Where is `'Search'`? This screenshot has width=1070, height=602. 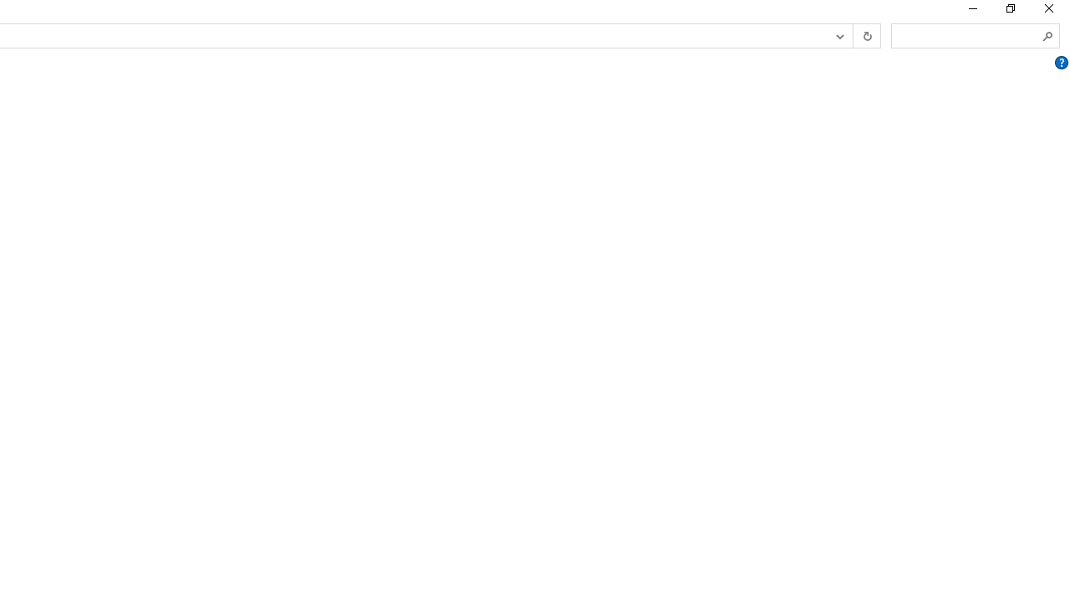 'Search' is located at coordinates (1047, 36).